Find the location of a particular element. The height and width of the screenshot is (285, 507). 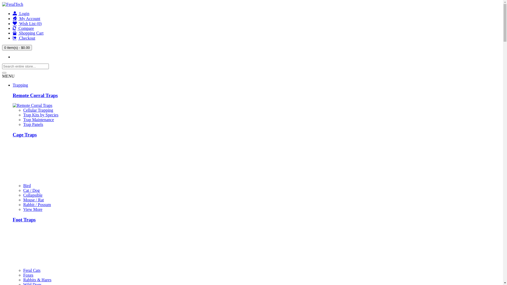

'Collapsible' is located at coordinates (32, 195).